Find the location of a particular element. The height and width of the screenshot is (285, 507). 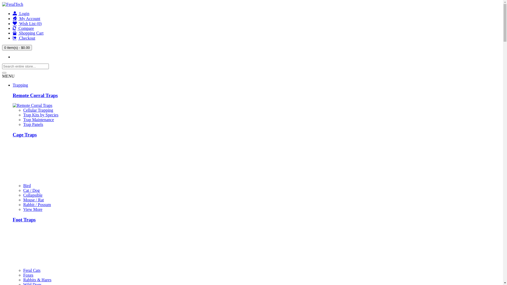

'Collapsible' is located at coordinates (32, 195).